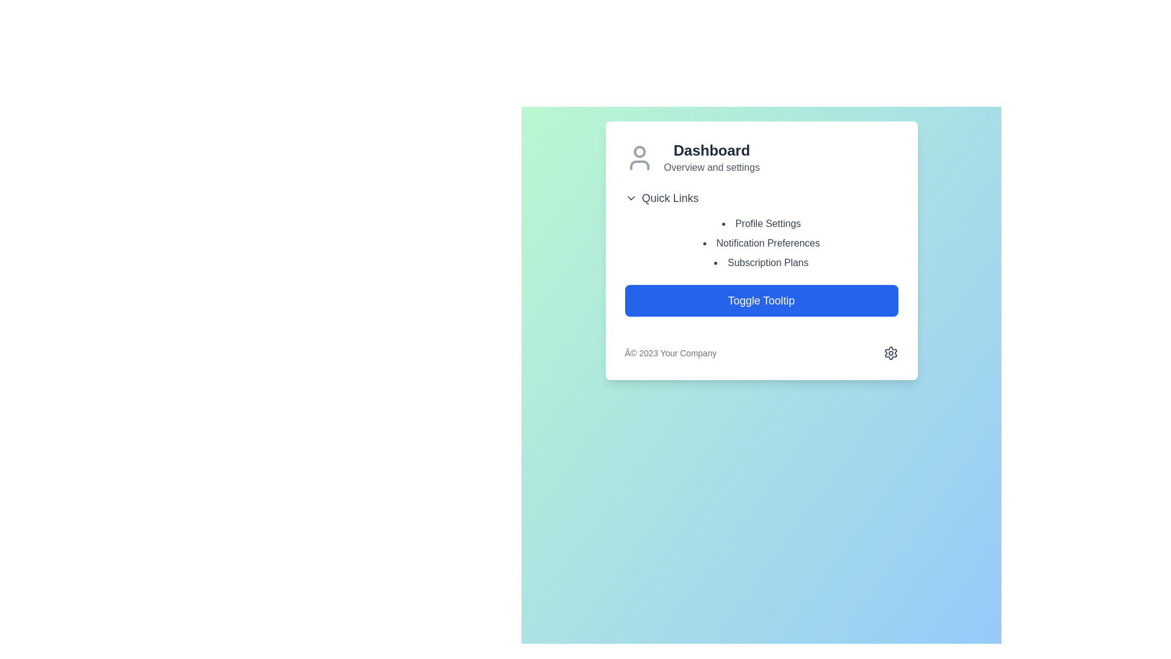 This screenshot has height=659, width=1171. What do you see at coordinates (639, 157) in the screenshot?
I see `the minimalist gray outline user icon located at the top-left corner of the panel near the 'Dashboard' header text` at bounding box center [639, 157].